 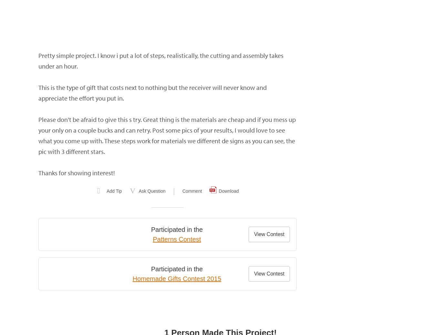 I want to click on 'Patterns Contest', so click(x=177, y=239).